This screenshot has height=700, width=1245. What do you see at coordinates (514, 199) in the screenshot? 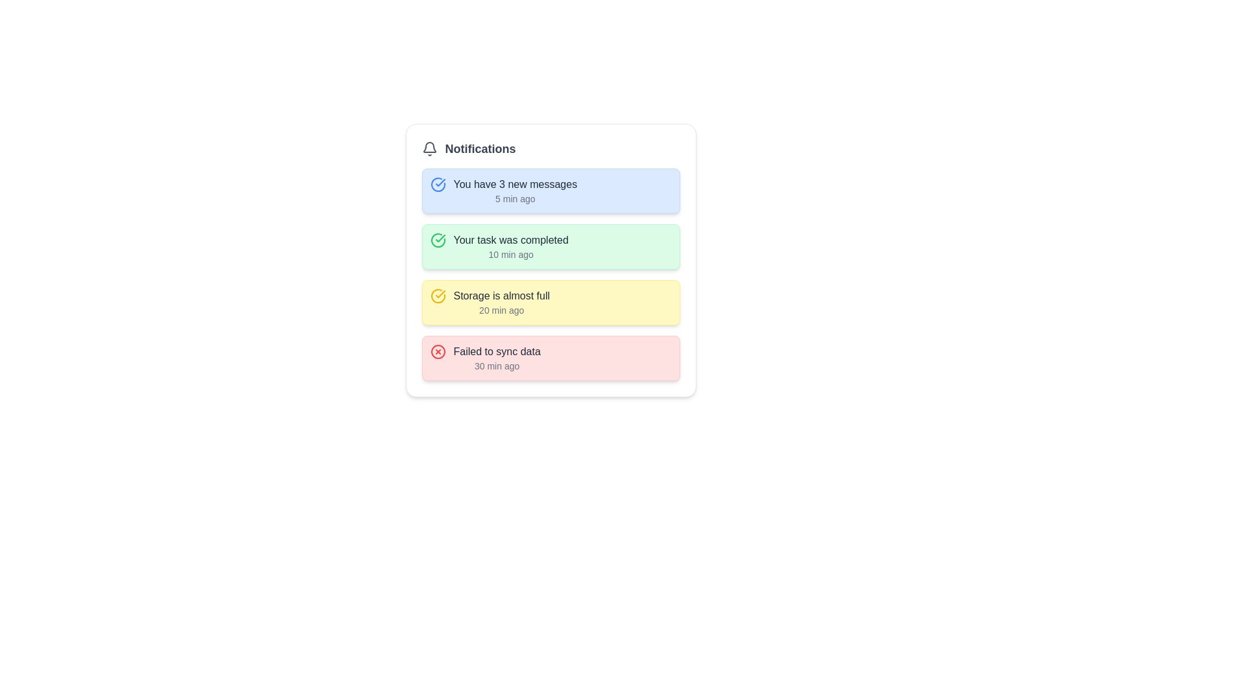
I see `text label displaying '5 min ago' located beneath the message 'You have 3 new messages' in the first notification card` at bounding box center [514, 199].